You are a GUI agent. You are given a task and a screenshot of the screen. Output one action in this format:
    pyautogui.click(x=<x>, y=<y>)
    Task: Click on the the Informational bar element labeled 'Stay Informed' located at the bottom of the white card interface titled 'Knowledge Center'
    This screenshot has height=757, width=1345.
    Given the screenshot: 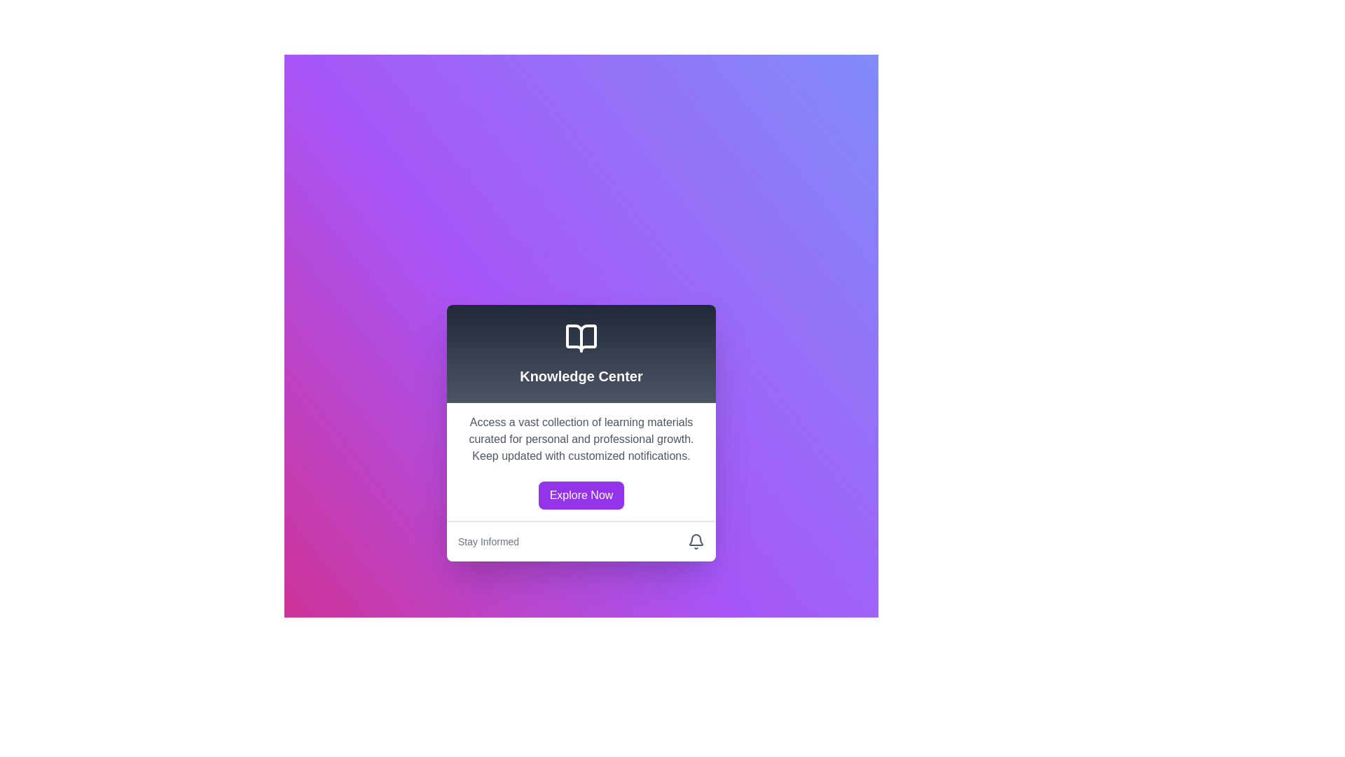 What is the action you would take?
    pyautogui.click(x=581, y=540)
    